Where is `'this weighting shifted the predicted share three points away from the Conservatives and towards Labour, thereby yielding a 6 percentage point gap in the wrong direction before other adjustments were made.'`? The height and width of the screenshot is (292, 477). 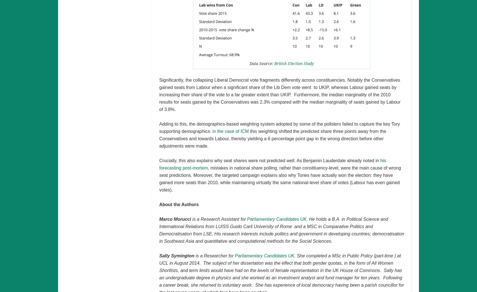 'this weighting shifted the predicted share three points away from the Conservatives and towards Labour, thereby yielding a 6 percentage point gap in the wrong direction before other adjustments were made.' is located at coordinates (272, 138).